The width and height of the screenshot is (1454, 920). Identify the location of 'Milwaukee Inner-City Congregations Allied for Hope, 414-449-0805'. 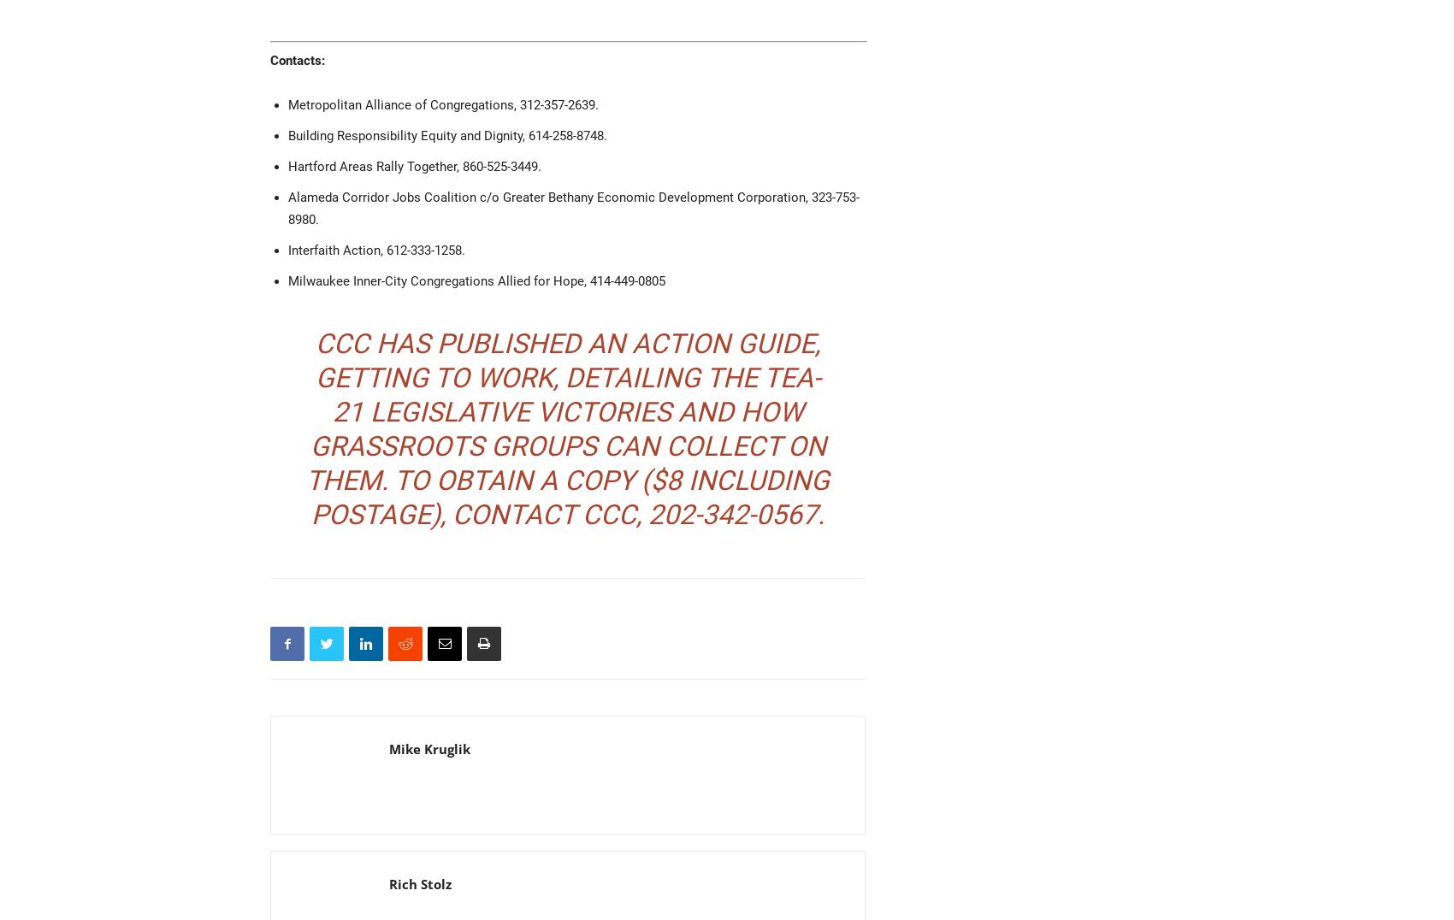
(287, 281).